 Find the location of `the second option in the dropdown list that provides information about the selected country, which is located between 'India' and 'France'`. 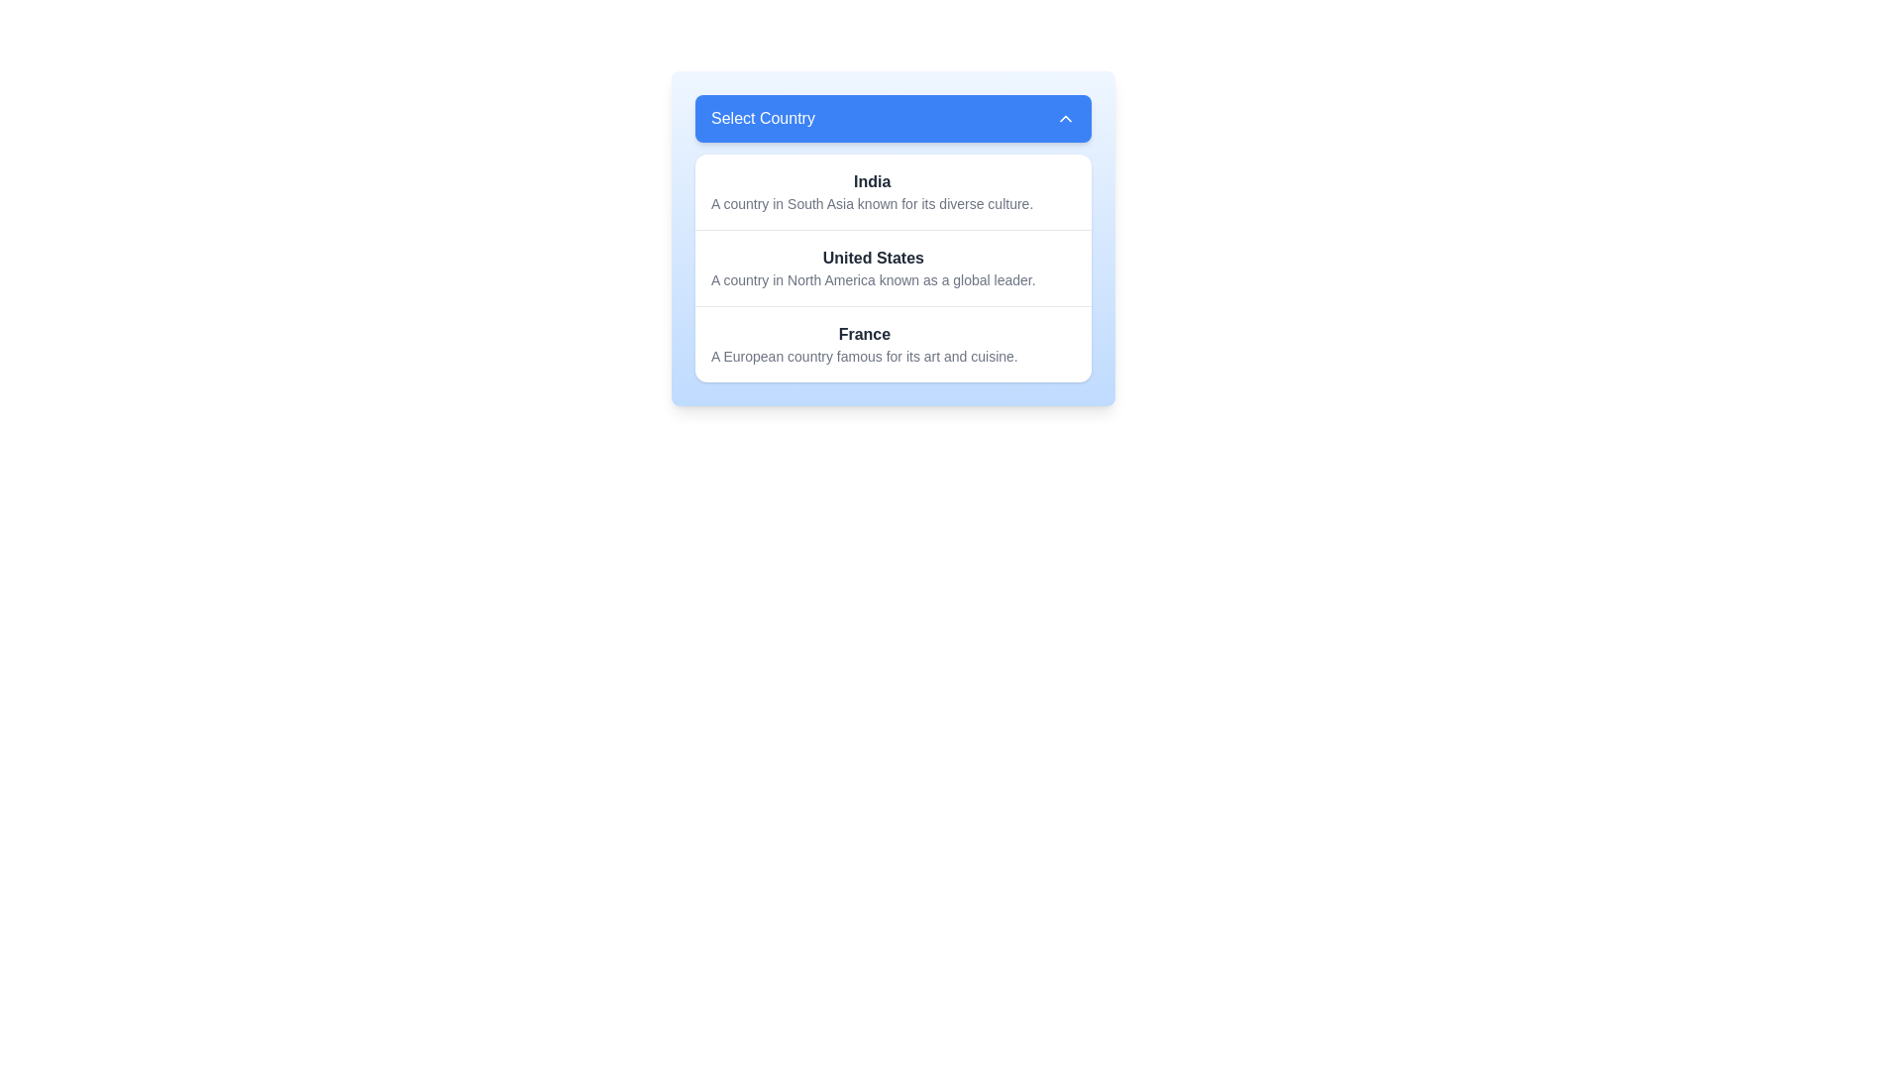

the second option in the dropdown list that provides information about the selected country, which is located between 'India' and 'France' is located at coordinates (872, 267).